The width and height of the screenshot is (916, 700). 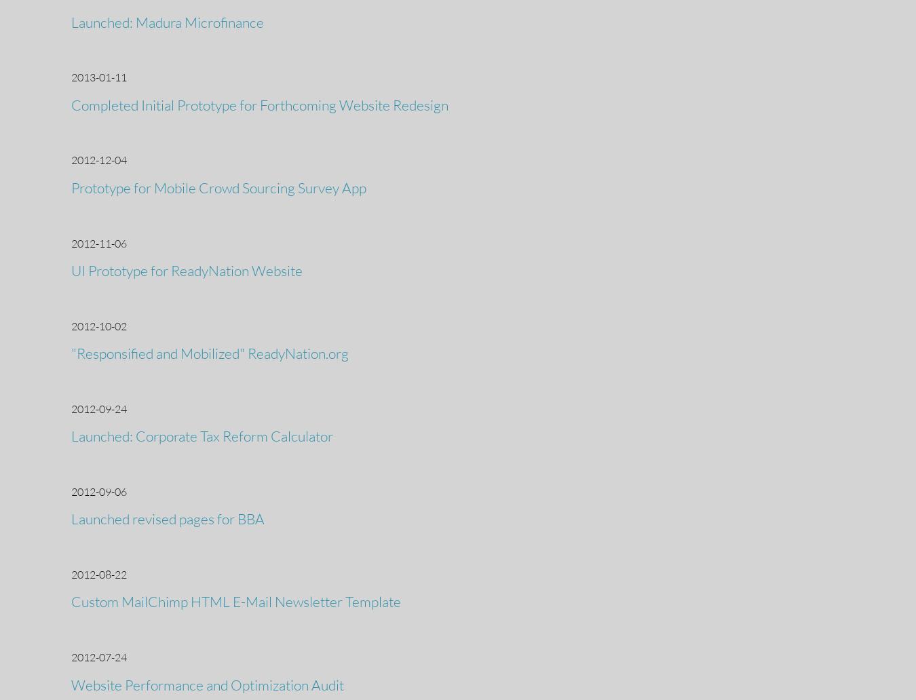 I want to click on '2012-10-02', so click(x=98, y=324).